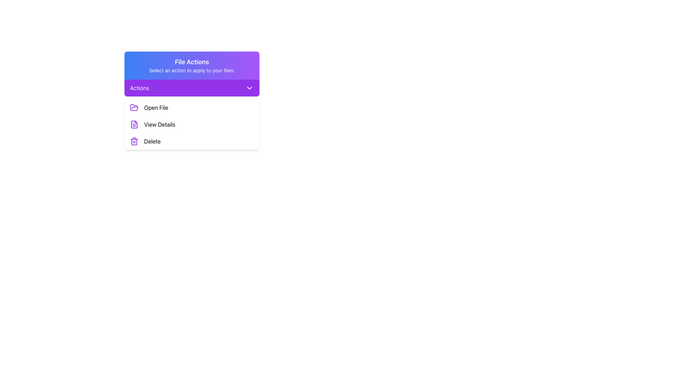 This screenshot has height=379, width=675. I want to click on the trash can icon representing the 'Delete' function in the dropdown menu located at the bottom of the list, so click(134, 142).